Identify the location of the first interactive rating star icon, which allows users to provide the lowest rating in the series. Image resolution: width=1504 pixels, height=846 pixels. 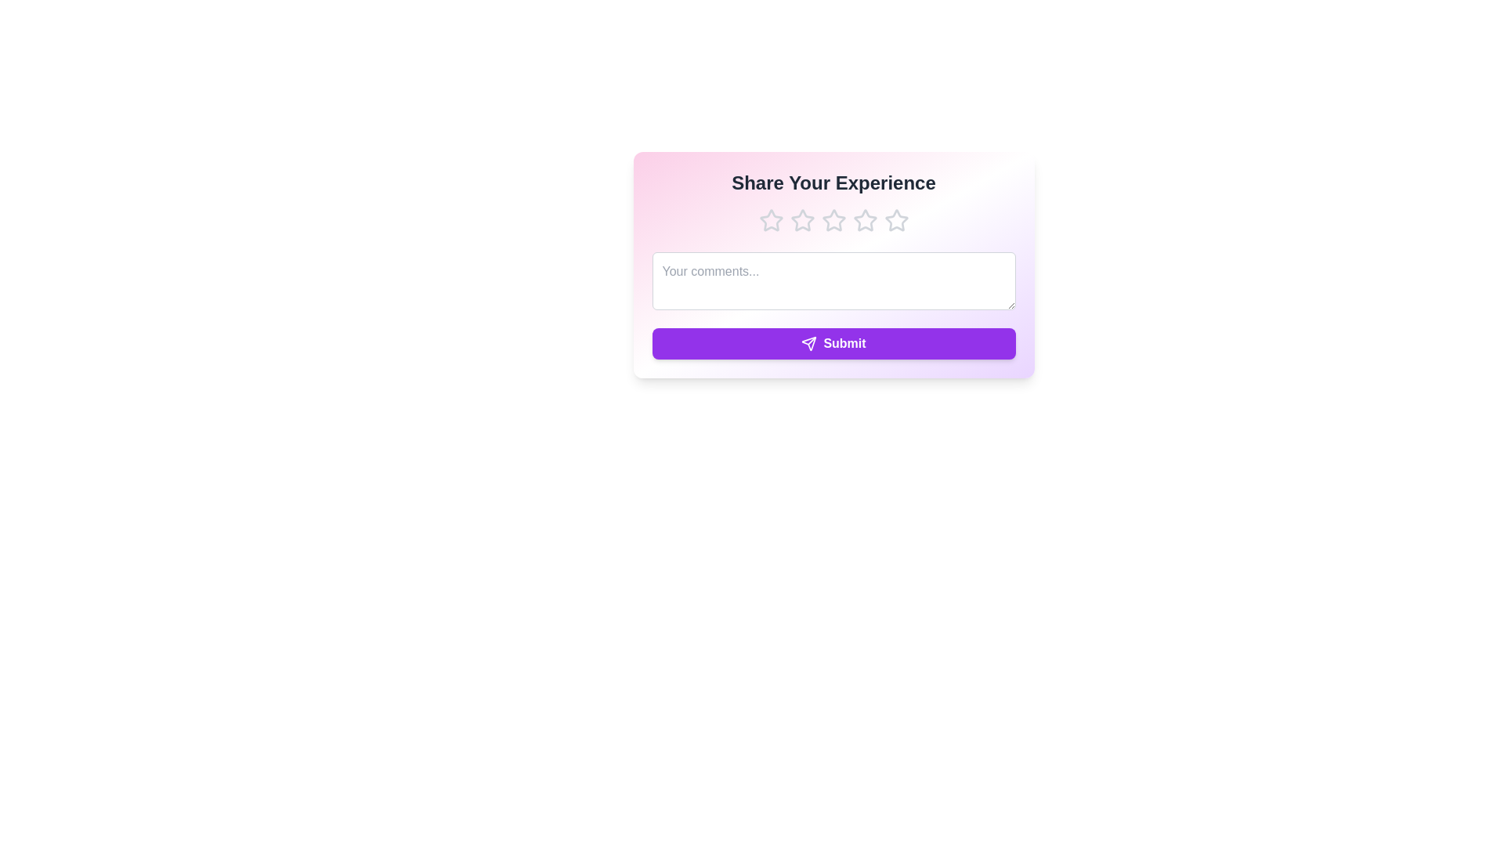
(771, 220).